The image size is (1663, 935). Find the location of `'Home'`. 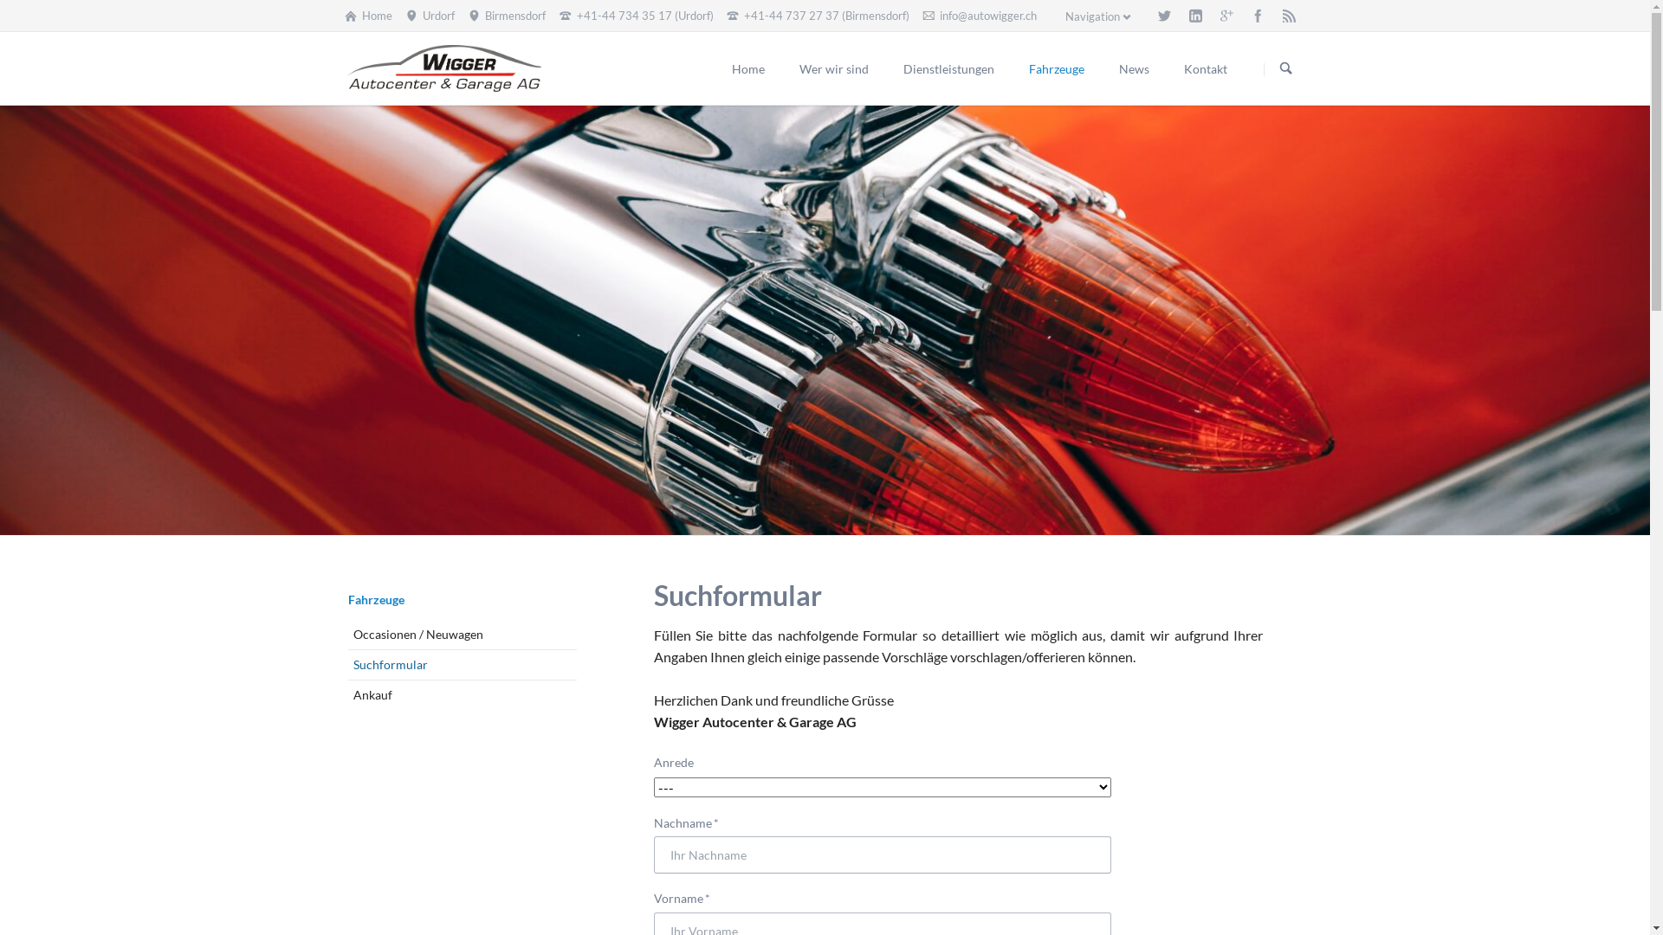

'Home' is located at coordinates (367, 16).